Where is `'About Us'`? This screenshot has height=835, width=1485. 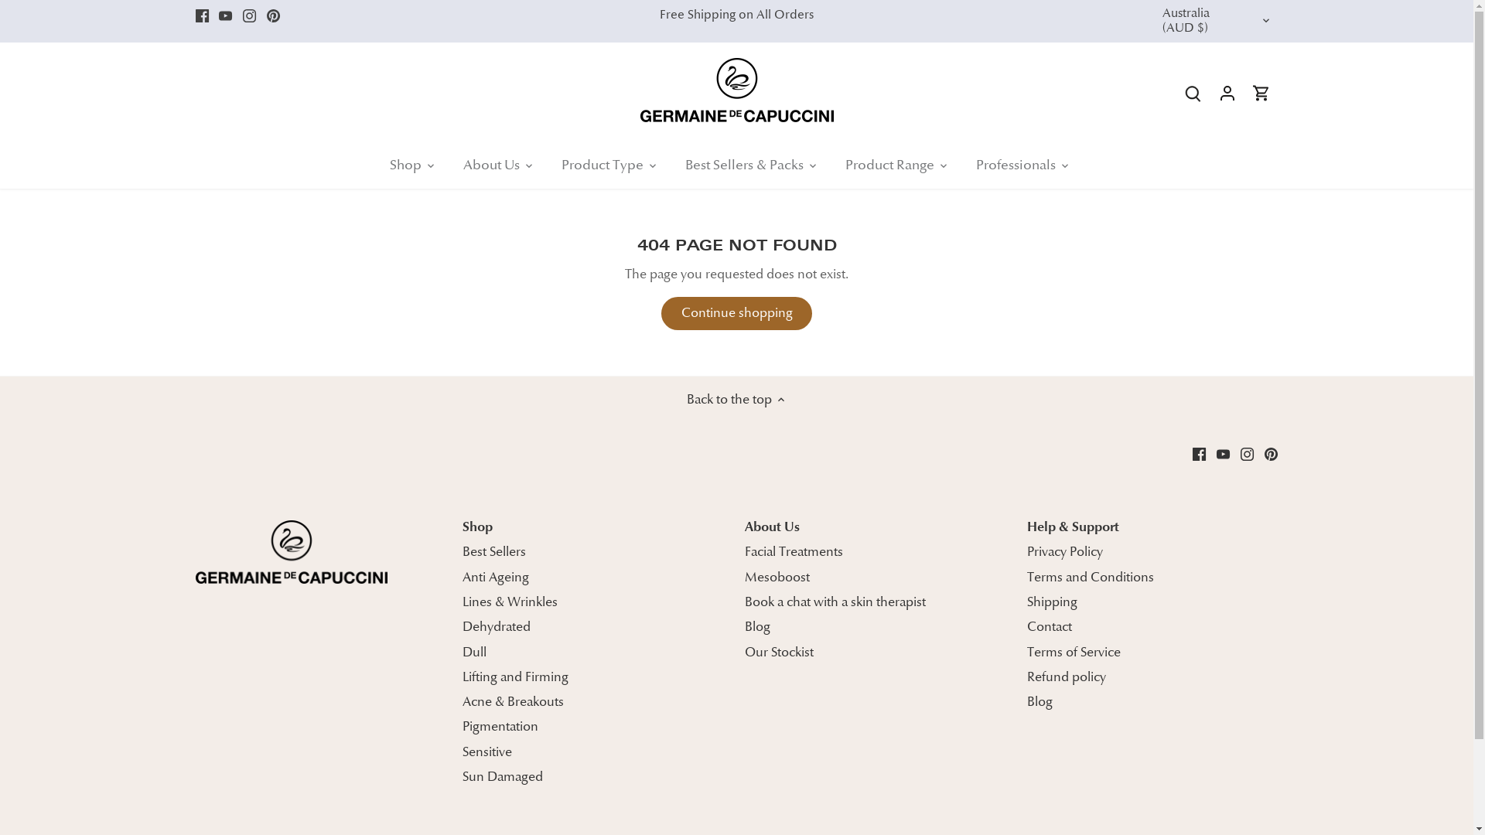 'About Us' is located at coordinates (490, 165).